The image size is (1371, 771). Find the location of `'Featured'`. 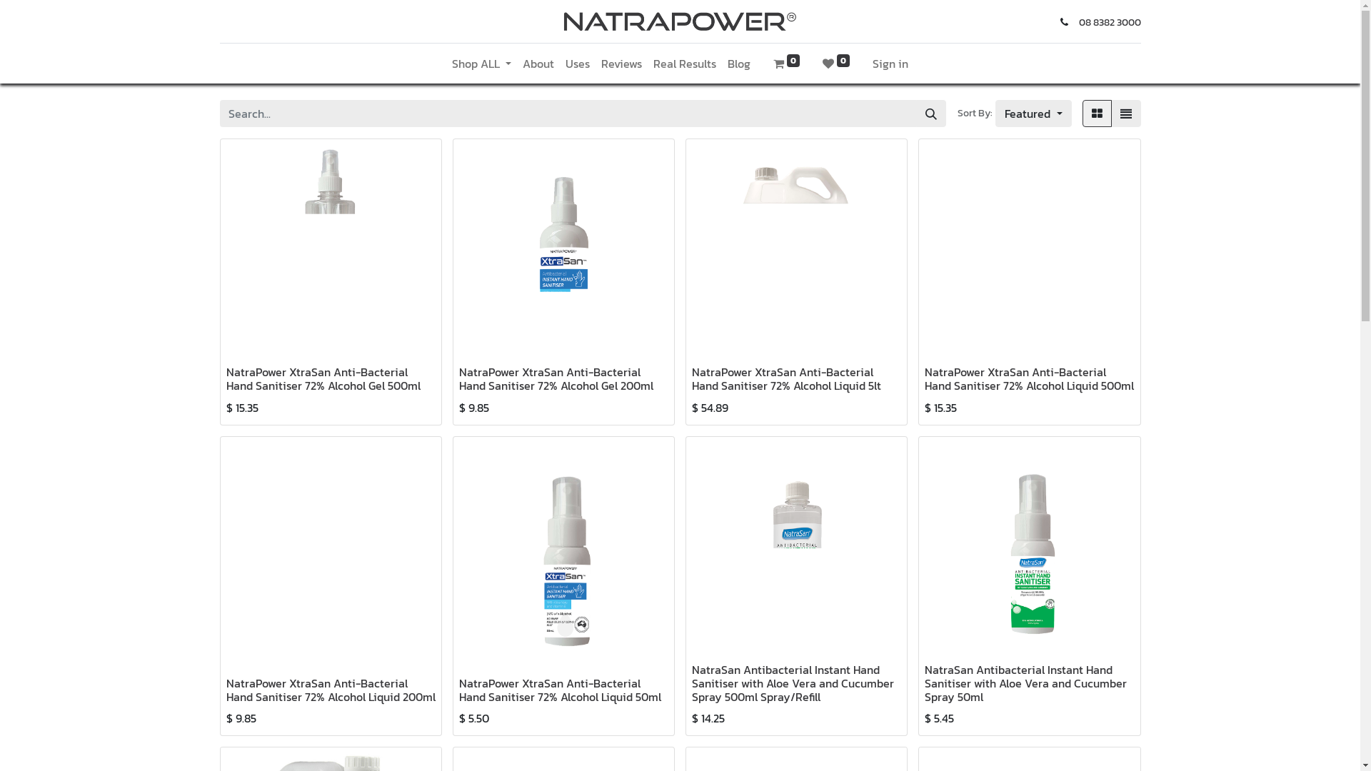

'Featured' is located at coordinates (994, 112).